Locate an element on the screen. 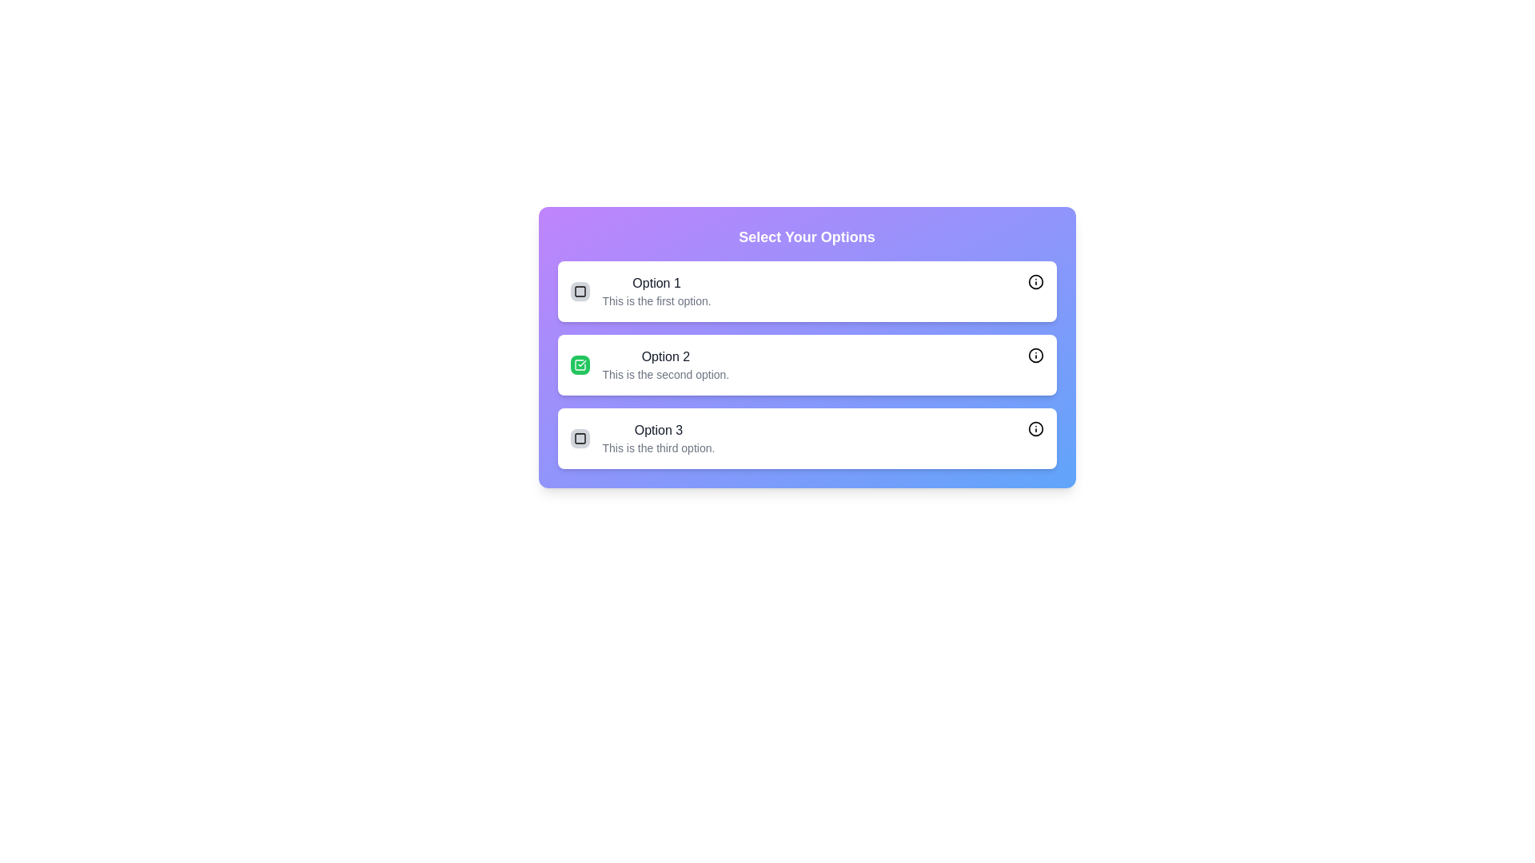 Image resolution: width=1535 pixels, height=863 pixels. the text block in the last row of the list under 'Select Your Options' is located at coordinates (658, 438).